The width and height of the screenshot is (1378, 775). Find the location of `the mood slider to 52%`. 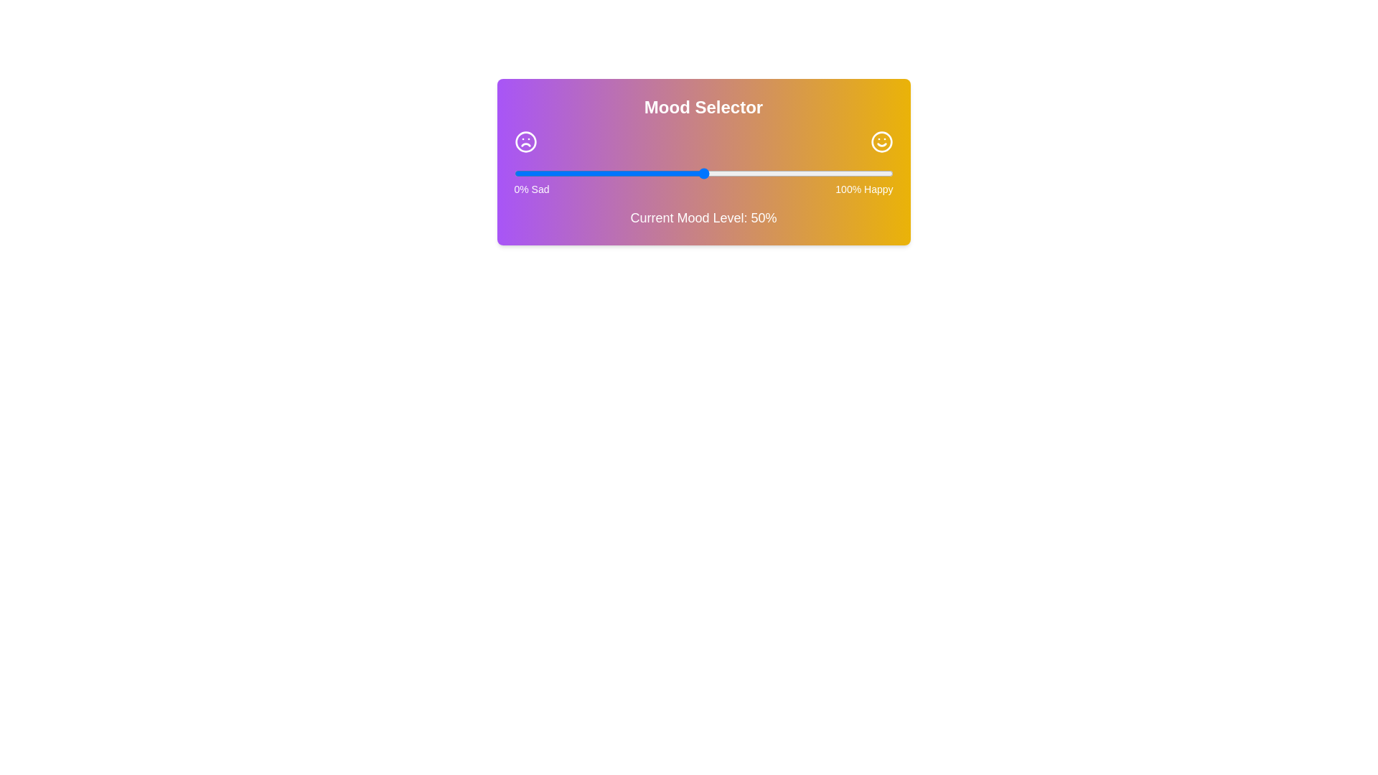

the mood slider to 52% is located at coordinates (711, 173).